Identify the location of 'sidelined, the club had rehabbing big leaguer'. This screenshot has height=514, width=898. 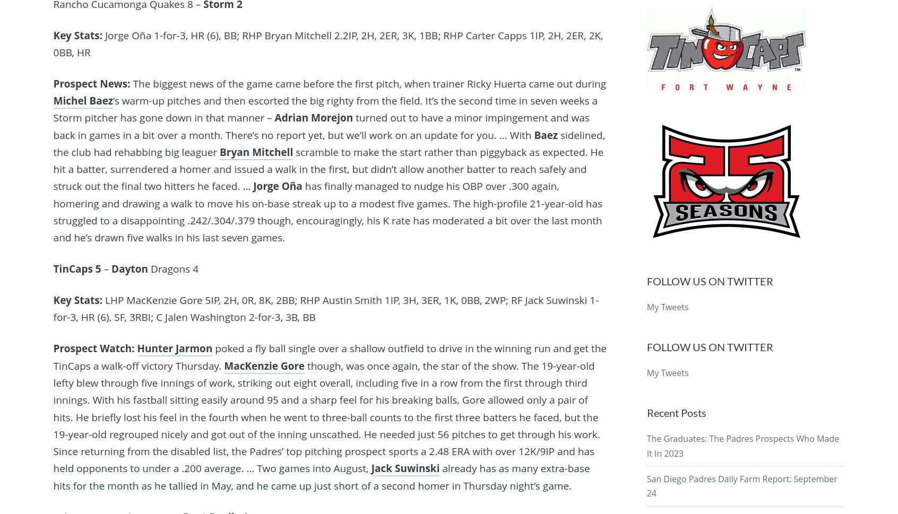
(328, 143).